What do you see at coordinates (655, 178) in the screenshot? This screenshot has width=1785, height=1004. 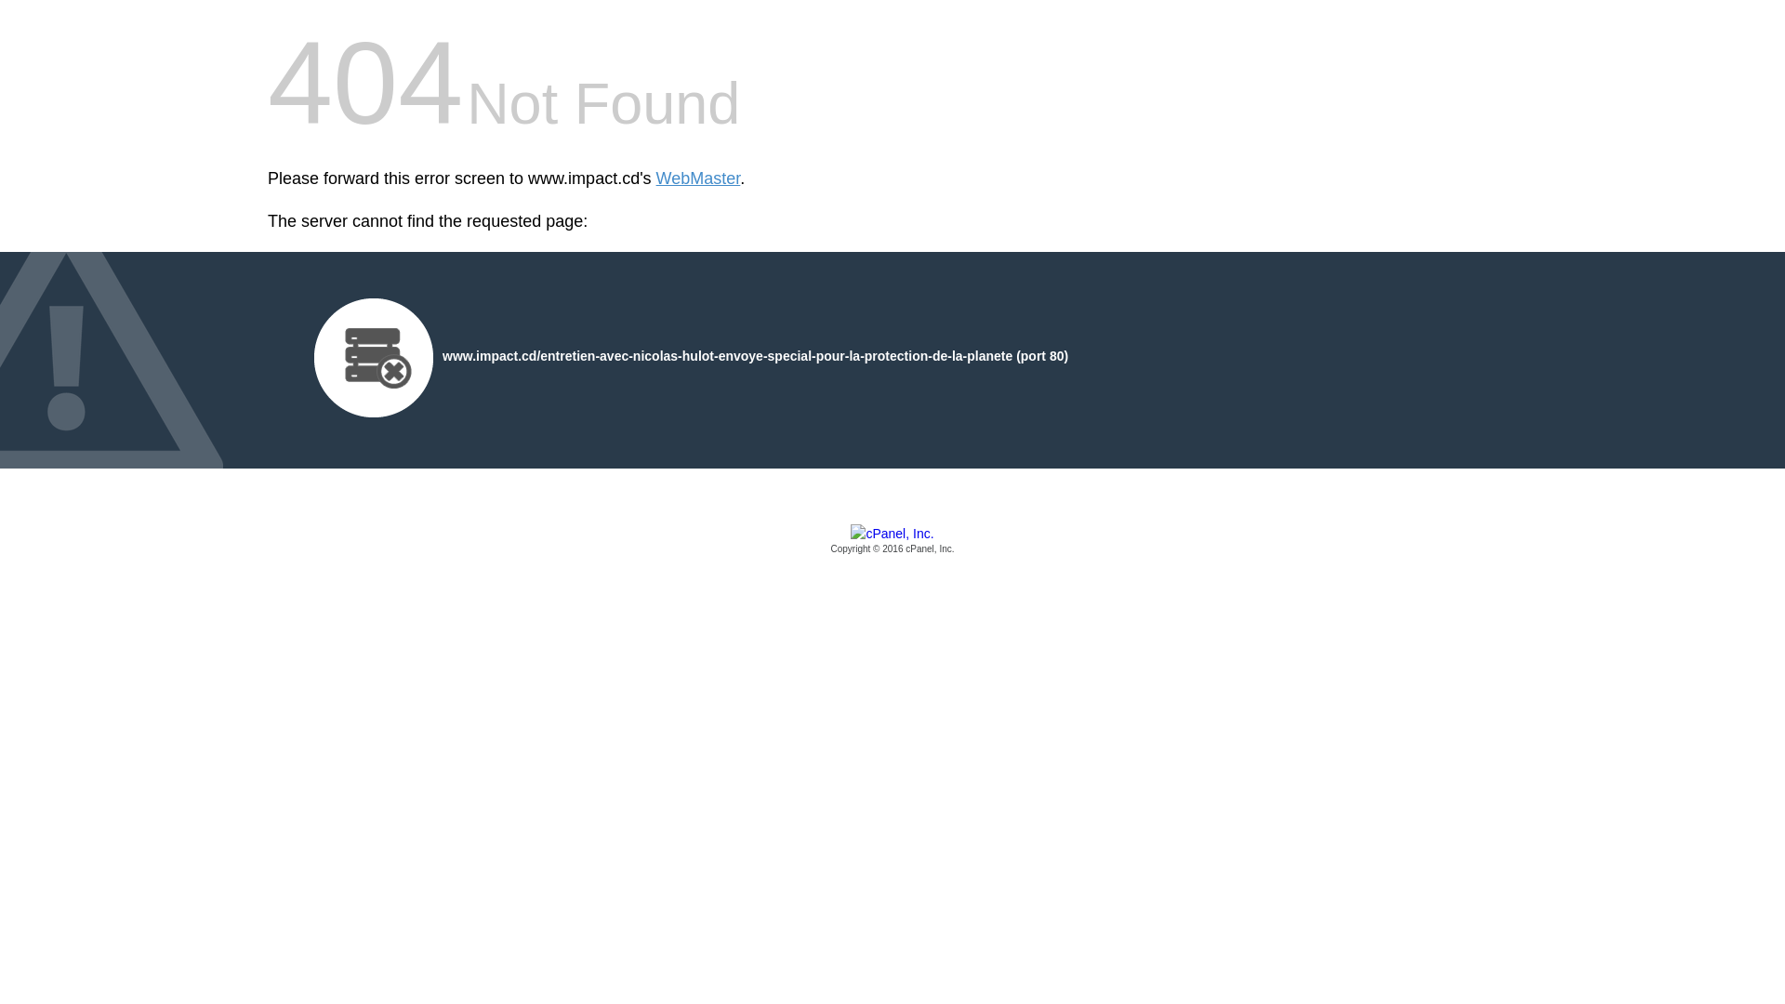 I see `'WebMaster'` at bounding box center [655, 178].